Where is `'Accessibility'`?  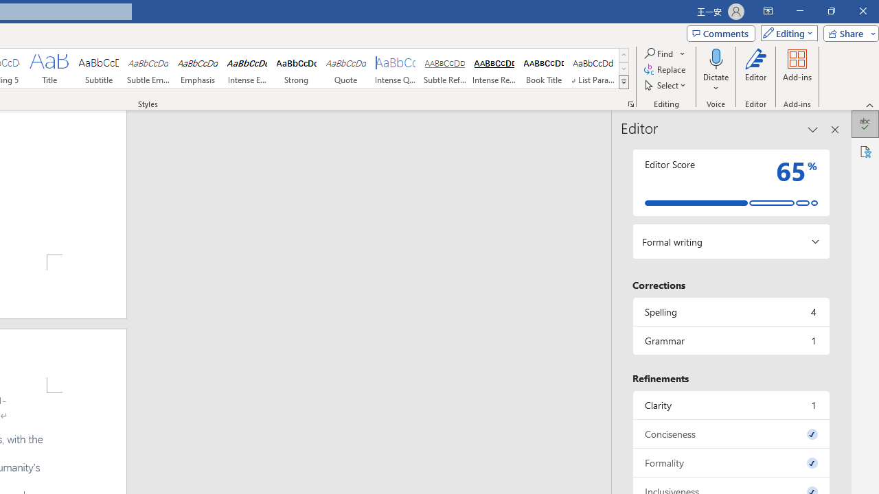 'Accessibility' is located at coordinates (865, 152).